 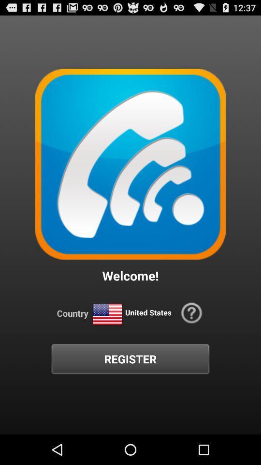 I want to click on the icon to the right of the united states icon, so click(x=191, y=312).